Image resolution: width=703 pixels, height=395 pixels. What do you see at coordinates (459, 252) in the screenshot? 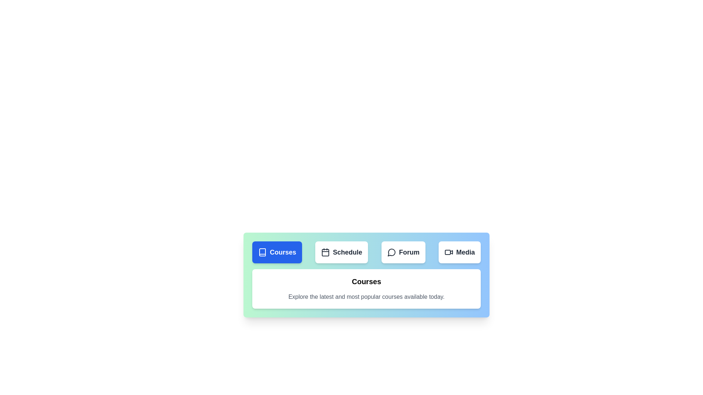
I see `the tab labeled Media to view its content` at bounding box center [459, 252].